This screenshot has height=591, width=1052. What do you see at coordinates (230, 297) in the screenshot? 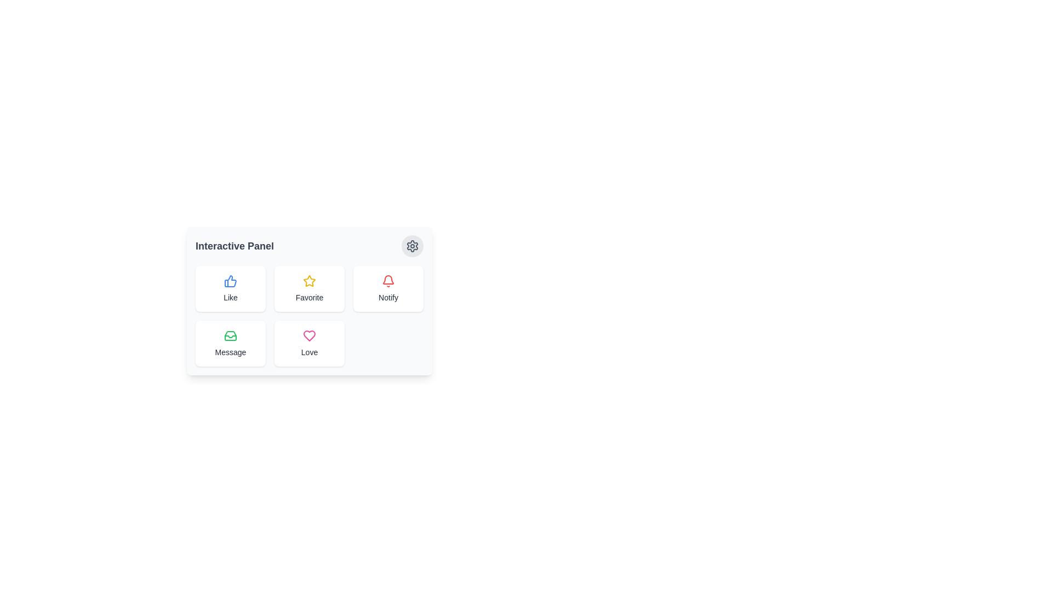
I see `the descriptive text label indicating the functionality of the thumbs-up icon, which is positioned below the icon within its card in the interactive panel` at bounding box center [230, 297].